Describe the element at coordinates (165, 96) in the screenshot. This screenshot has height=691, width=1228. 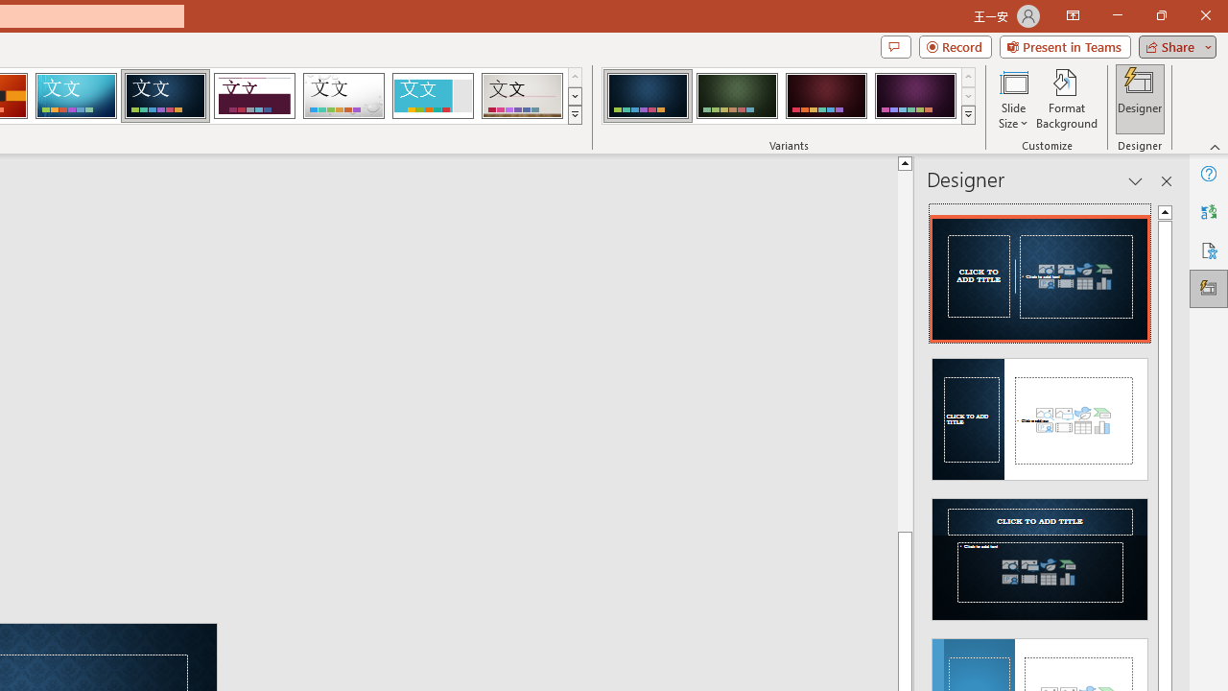
I see `'Damask'` at that location.